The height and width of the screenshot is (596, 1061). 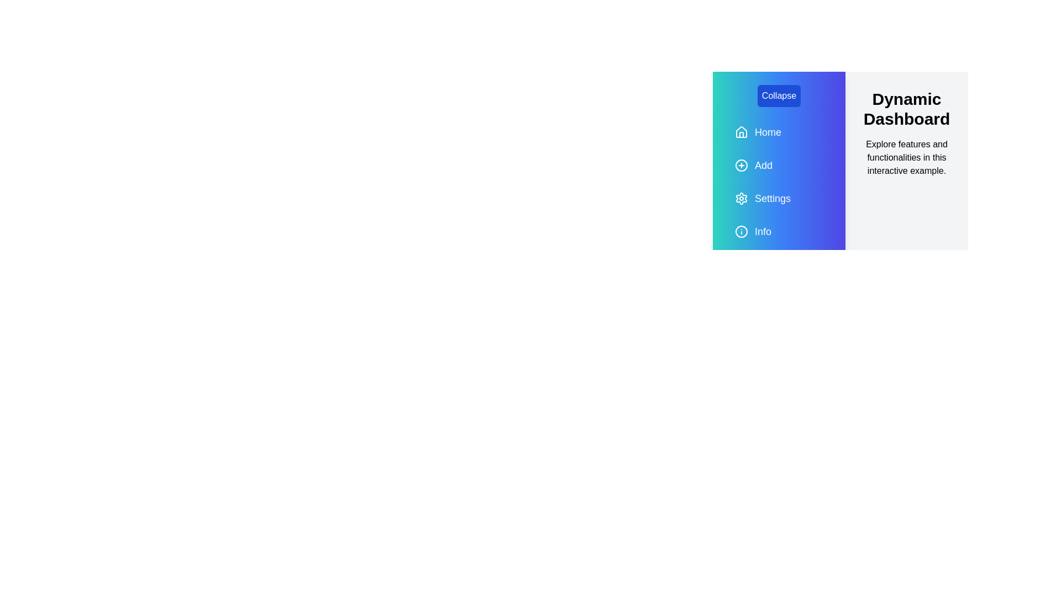 What do you see at coordinates (779, 198) in the screenshot?
I see `the 'Settings' navigation item located in the sidebar` at bounding box center [779, 198].